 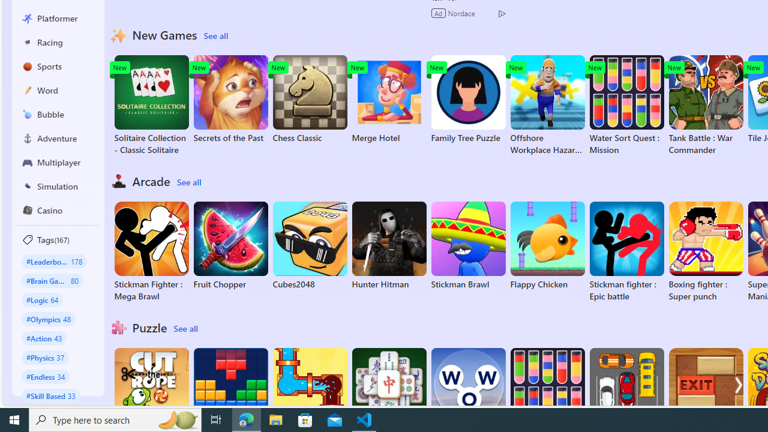 What do you see at coordinates (44, 338) in the screenshot?
I see `'#Action 43'` at bounding box center [44, 338].